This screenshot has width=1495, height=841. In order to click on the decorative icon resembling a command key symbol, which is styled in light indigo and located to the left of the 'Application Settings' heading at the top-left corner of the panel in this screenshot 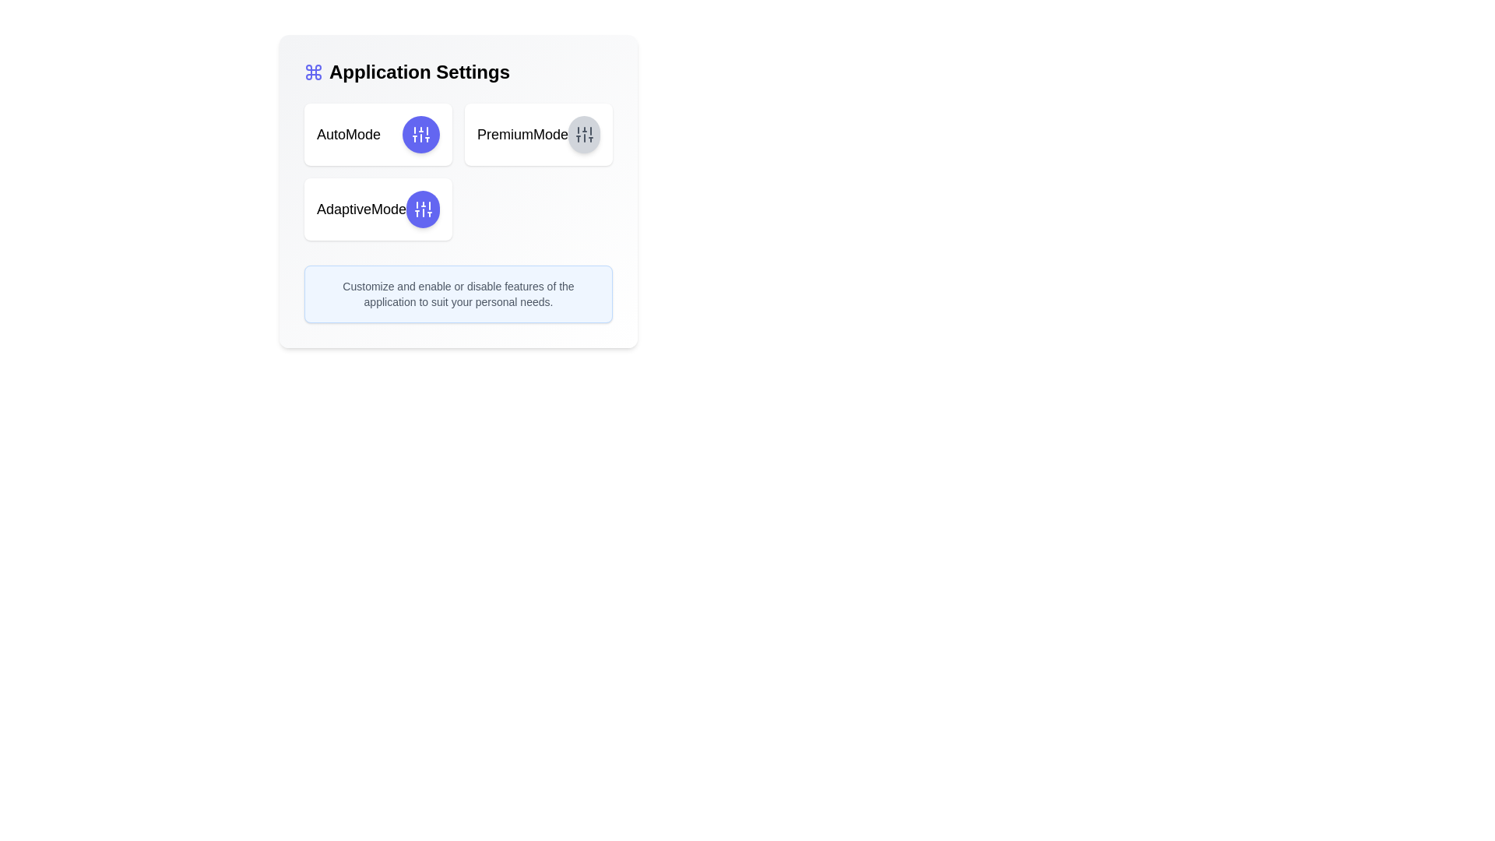, I will do `click(313, 72)`.